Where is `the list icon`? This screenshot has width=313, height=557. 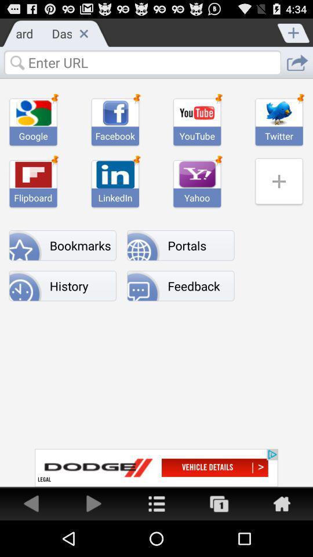
the list icon is located at coordinates (156, 538).